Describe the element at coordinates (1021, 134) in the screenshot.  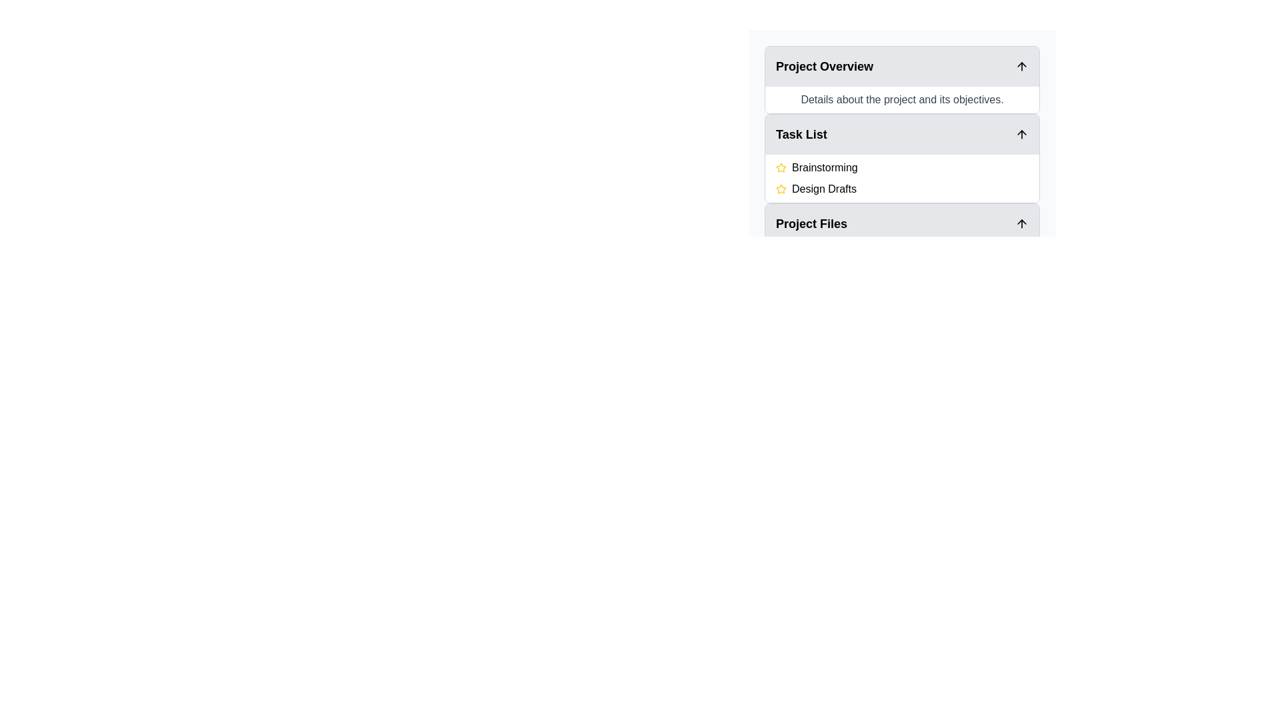
I see `the small upward arrow icon button located on the far-right side of the header bar for the 'Task List' section` at that location.